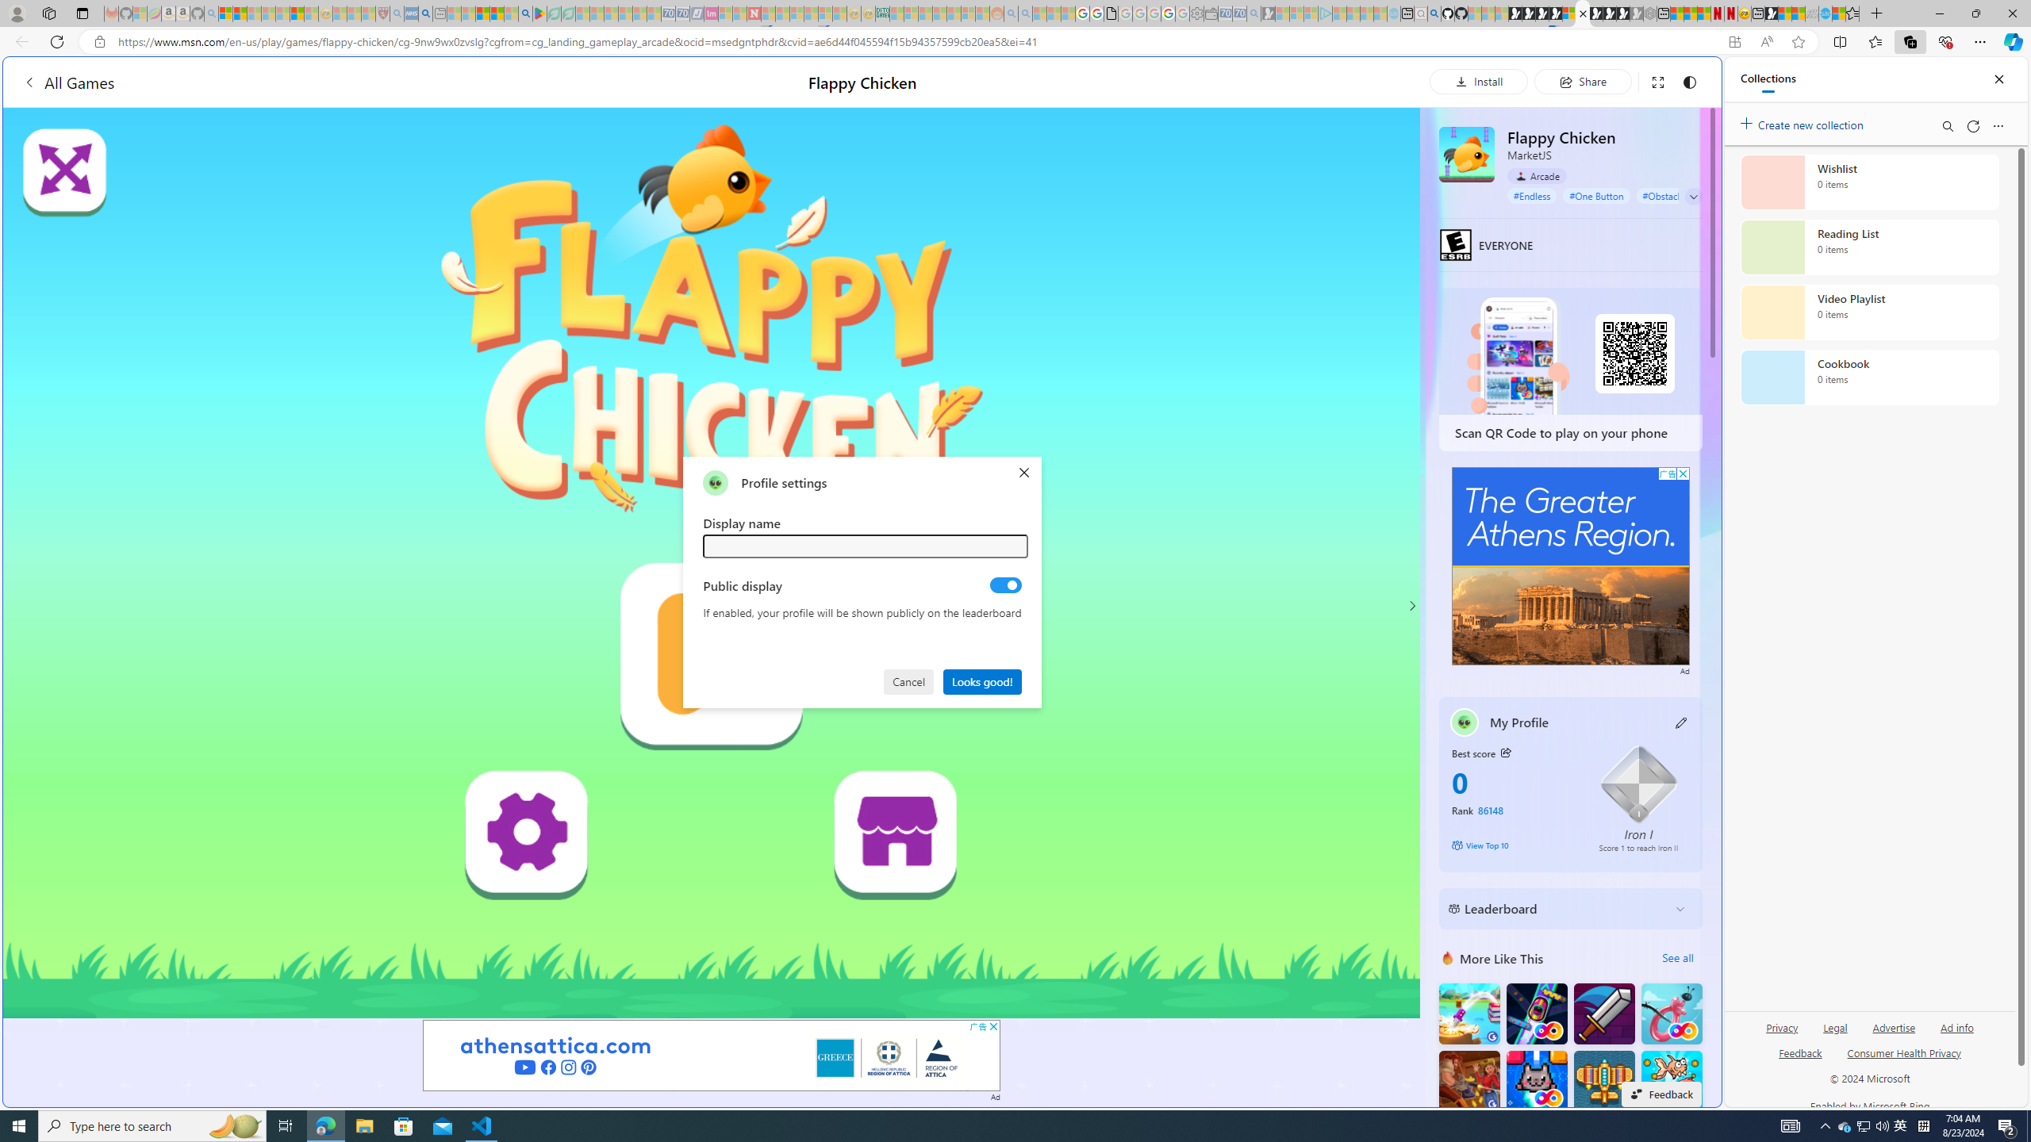 The image size is (2031, 1142). Describe the element at coordinates (1478, 81) in the screenshot. I see `'Install'` at that location.